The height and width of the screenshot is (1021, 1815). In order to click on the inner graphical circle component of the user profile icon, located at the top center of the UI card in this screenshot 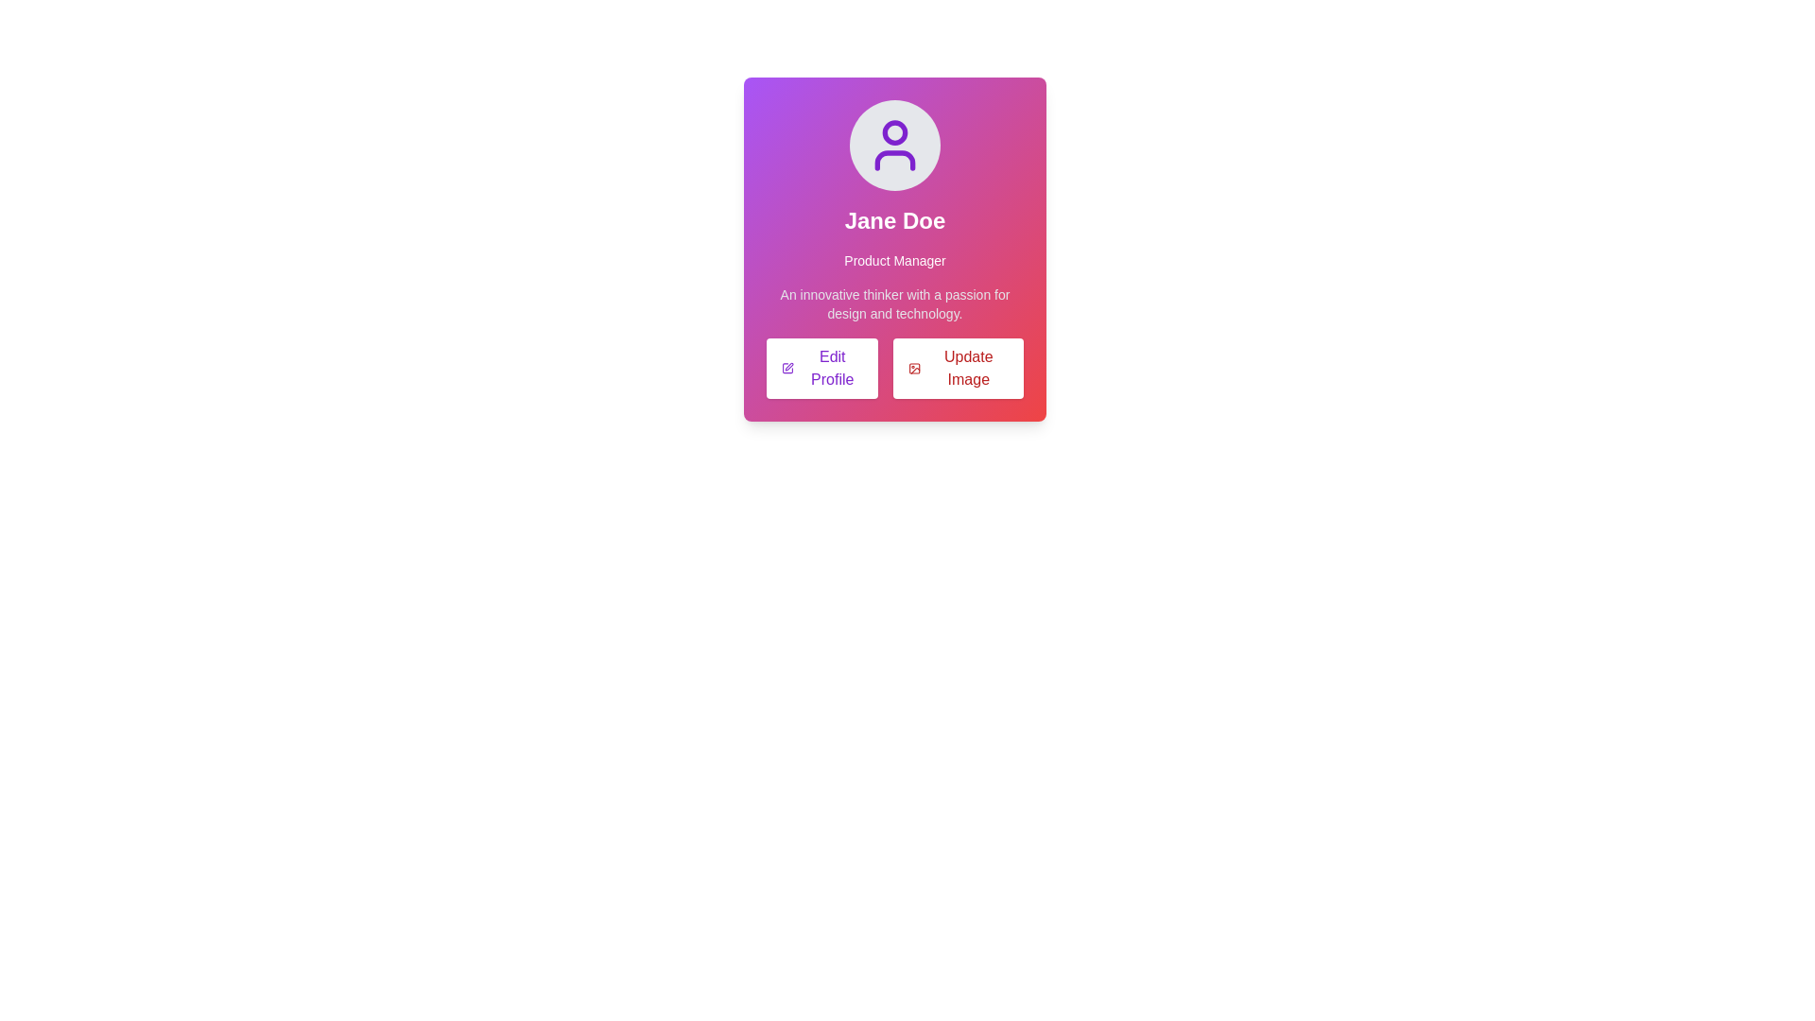, I will do `click(893, 130)`.